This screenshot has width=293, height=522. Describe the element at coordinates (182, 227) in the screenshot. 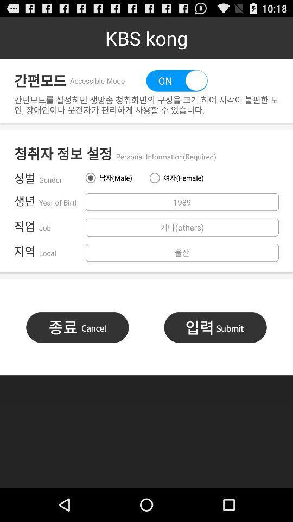

I see `app to the right of the job` at that location.